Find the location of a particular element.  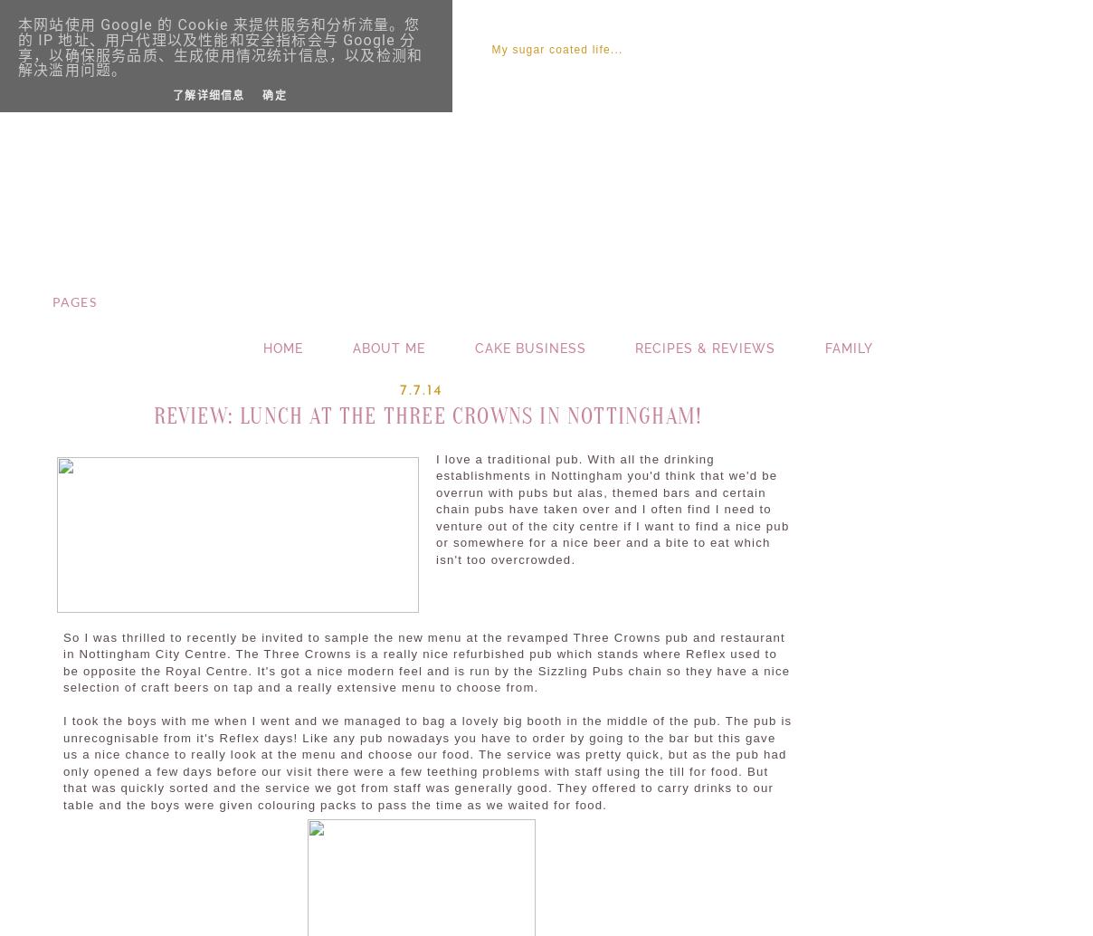

'Family' is located at coordinates (848, 347).